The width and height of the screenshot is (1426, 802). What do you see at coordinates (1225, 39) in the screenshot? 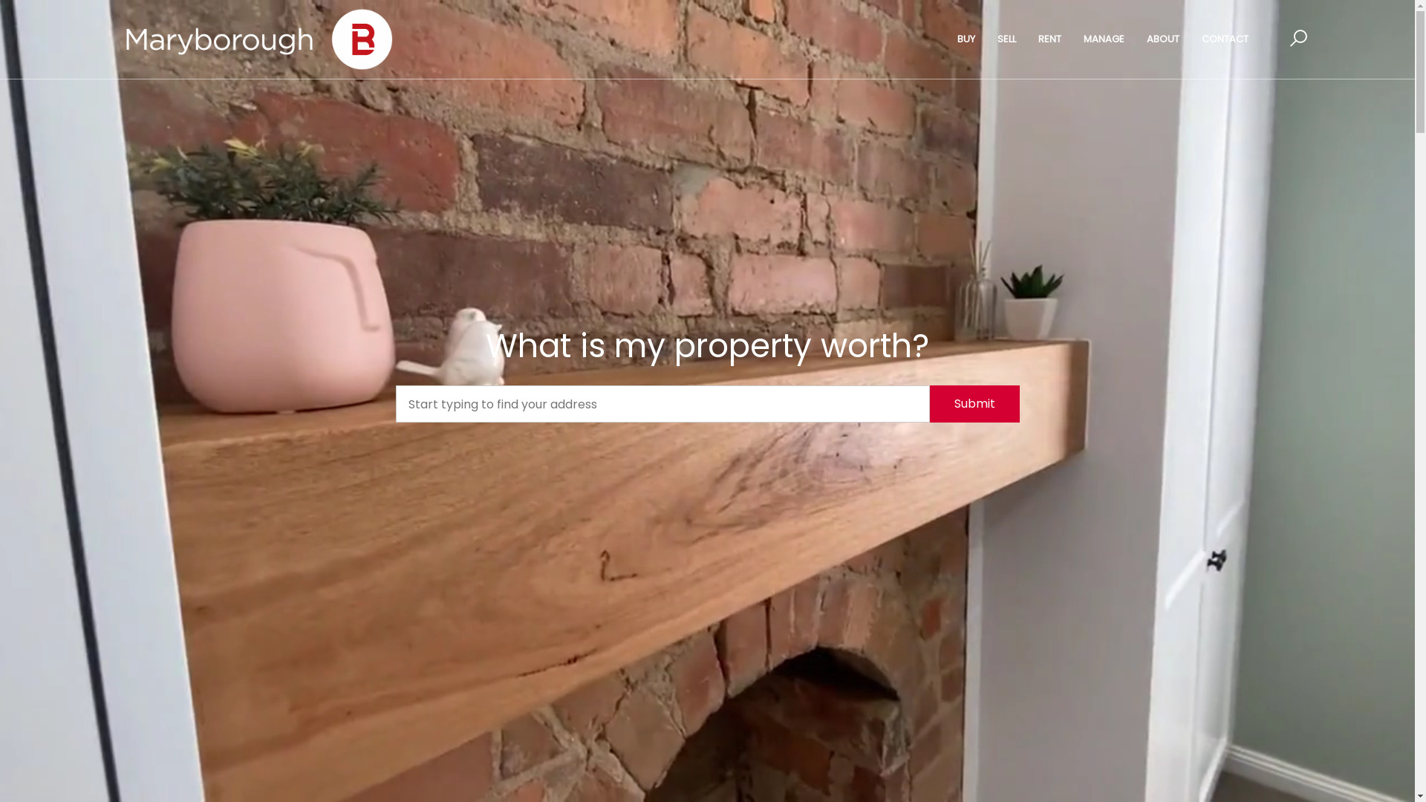
I see `'CONTACT'` at bounding box center [1225, 39].